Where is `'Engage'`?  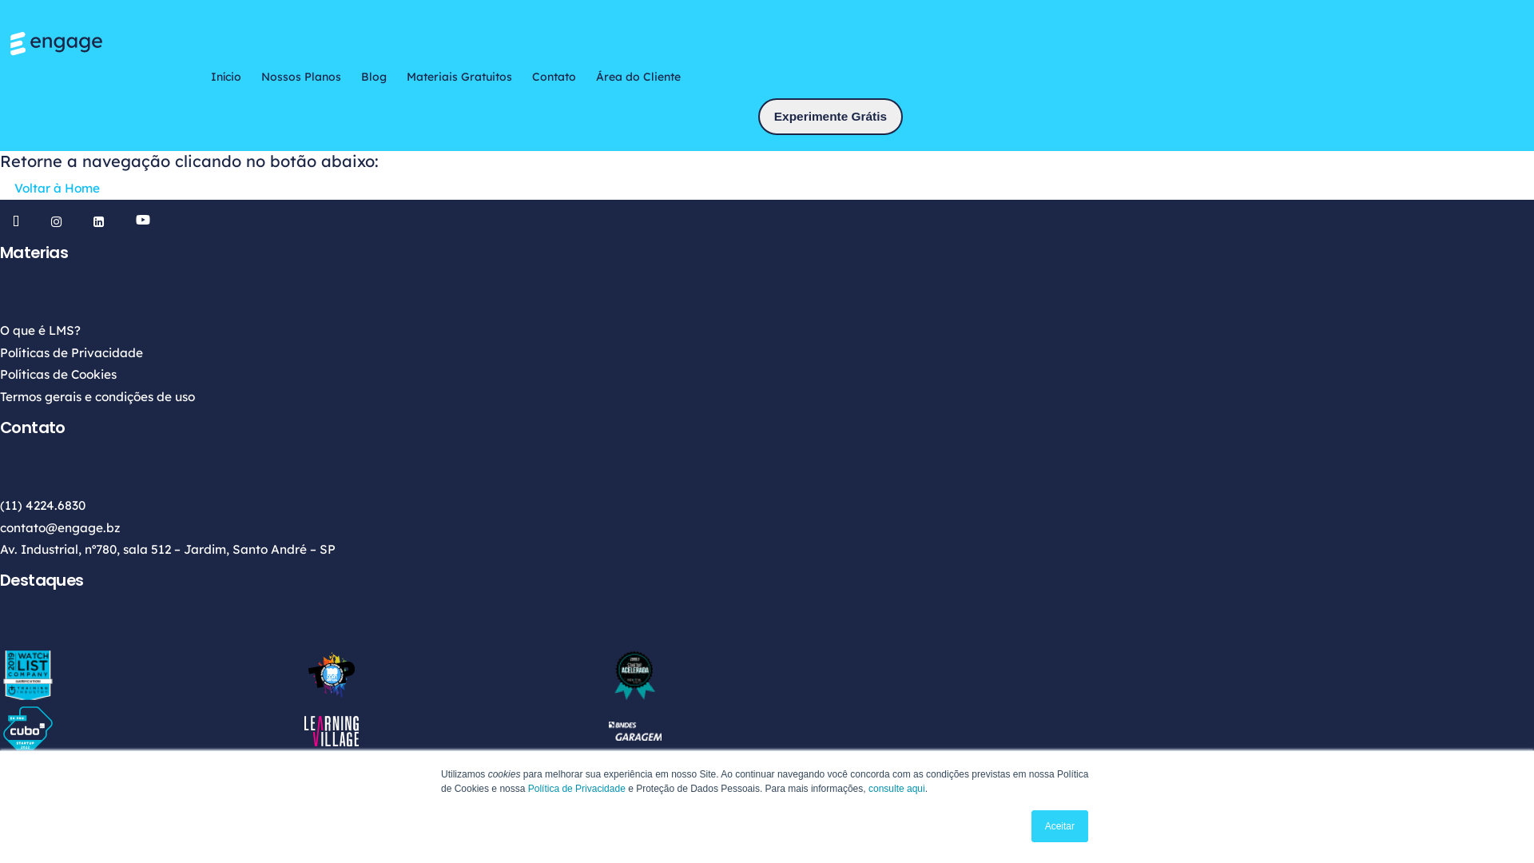
'Engage' is located at coordinates (7, 42).